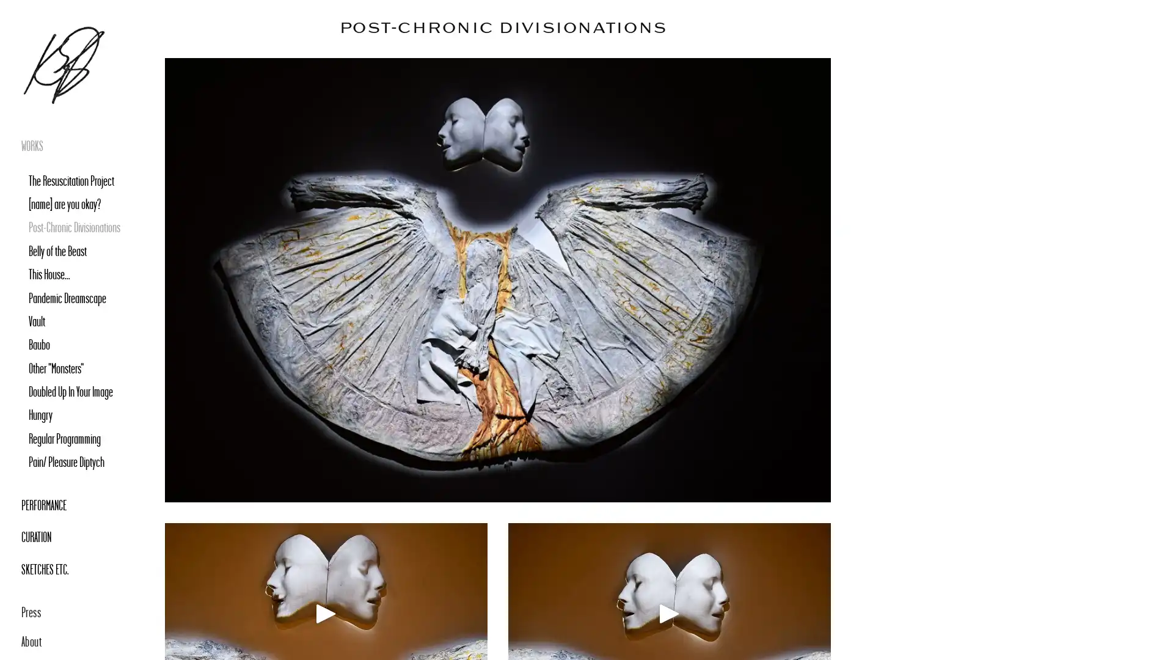 The width and height of the screenshot is (1173, 660). Describe the element at coordinates (668, 613) in the screenshot. I see `Play` at that location.